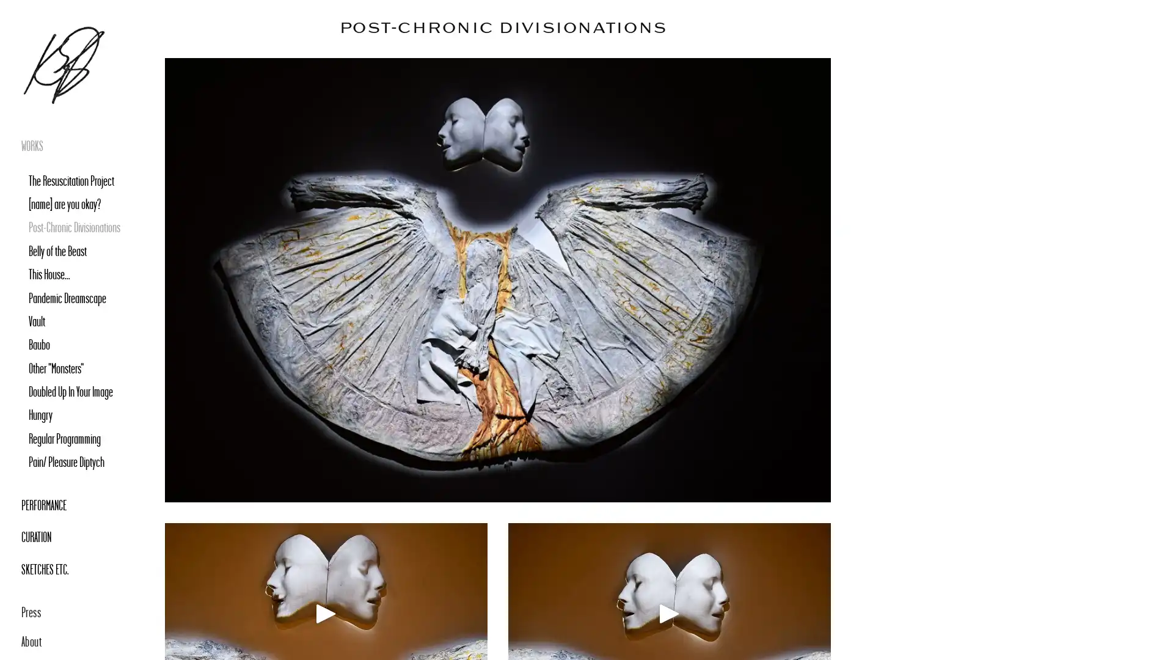 The width and height of the screenshot is (1173, 660). Describe the element at coordinates (668, 613) in the screenshot. I see `Play` at that location.